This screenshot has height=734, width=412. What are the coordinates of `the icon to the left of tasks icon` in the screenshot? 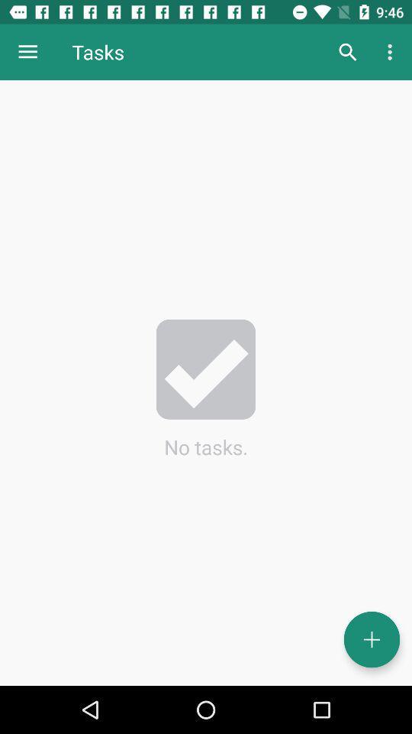 It's located at (27, 52).